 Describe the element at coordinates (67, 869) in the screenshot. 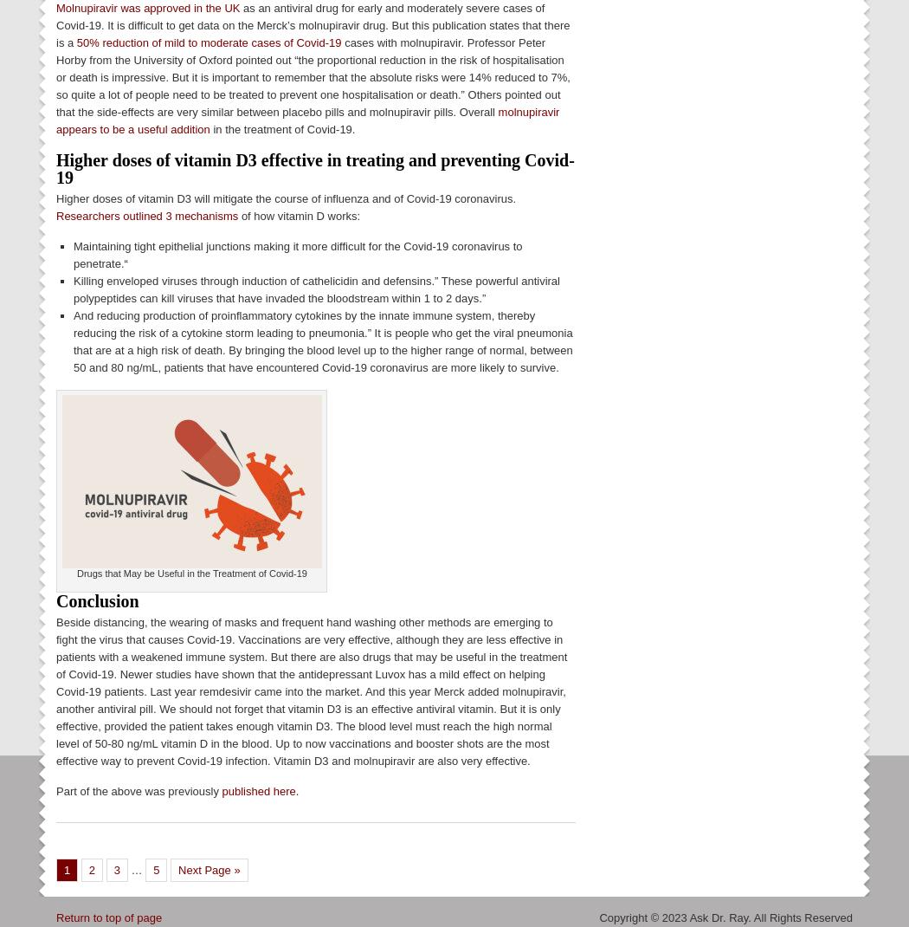

I see `'1'` at that location.